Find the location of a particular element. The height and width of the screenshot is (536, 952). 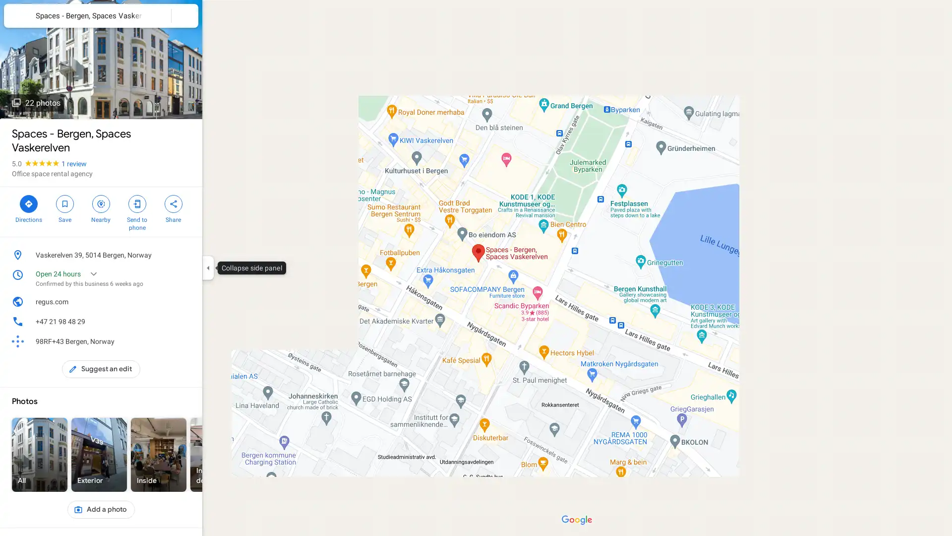

Clear search is located at coordinates (185, 15).